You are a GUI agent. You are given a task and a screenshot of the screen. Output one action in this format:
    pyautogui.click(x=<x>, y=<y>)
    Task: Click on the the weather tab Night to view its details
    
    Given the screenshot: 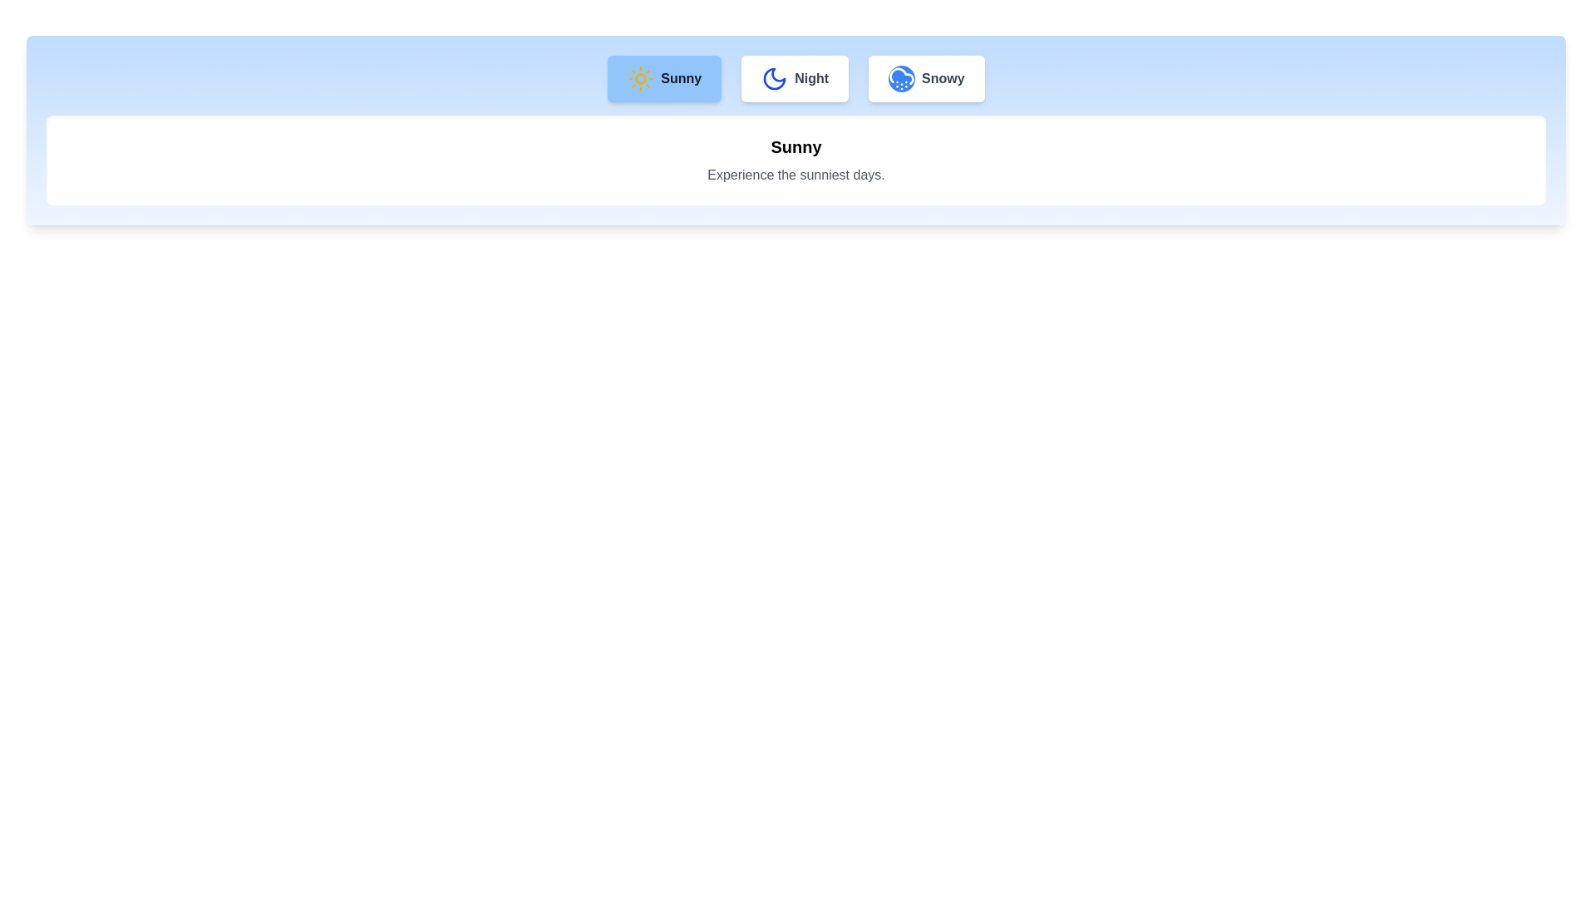 What is the action you would take?
    pyautogui.click(x=794, y=79)
    